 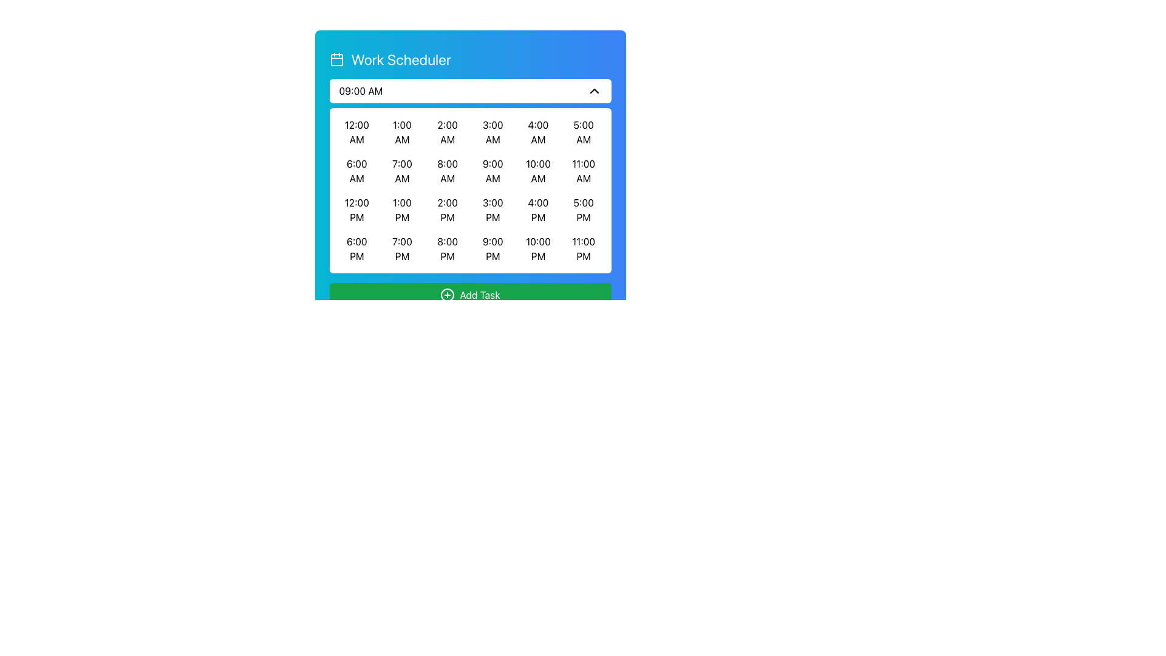 What do you see at coordinates (594, 91) in the screenshot?
I see `the chevron button (icon) located to the right of '09:00 AM'` at bounding box center [594, 91].